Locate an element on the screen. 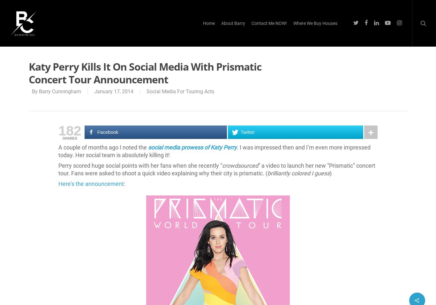  ':' is located at coordinates (124, 184).